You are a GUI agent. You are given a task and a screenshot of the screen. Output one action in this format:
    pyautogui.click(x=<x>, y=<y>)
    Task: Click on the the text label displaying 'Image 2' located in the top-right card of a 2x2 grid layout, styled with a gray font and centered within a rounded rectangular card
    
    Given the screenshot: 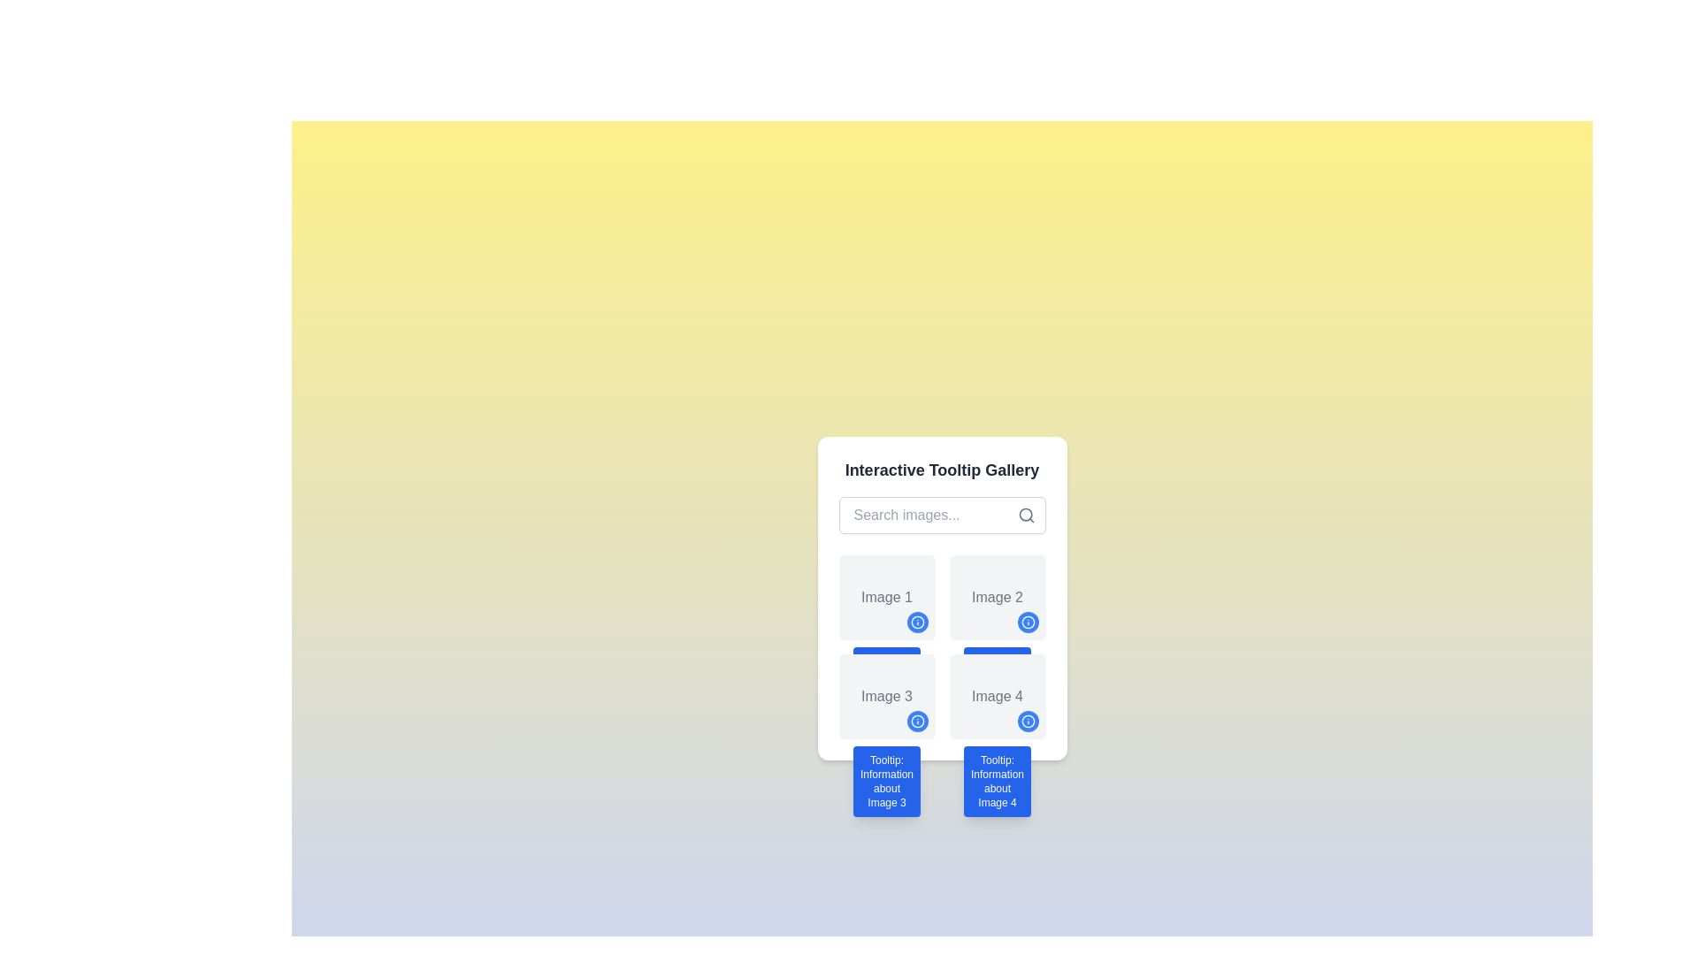 What is the action you would take?
    pyautogui.click(x=998, y=597)
    